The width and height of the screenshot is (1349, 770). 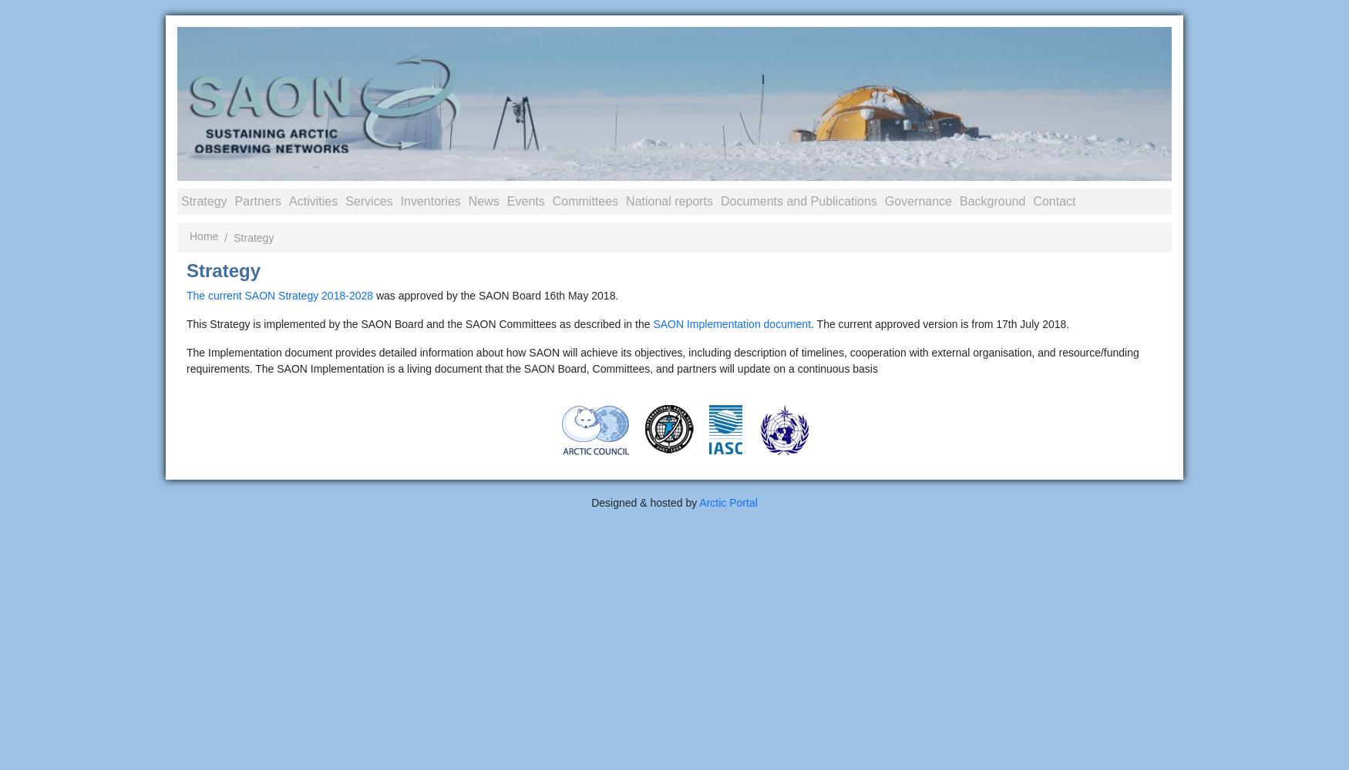 I want to click on 'Events', so click(x=524, y=200).